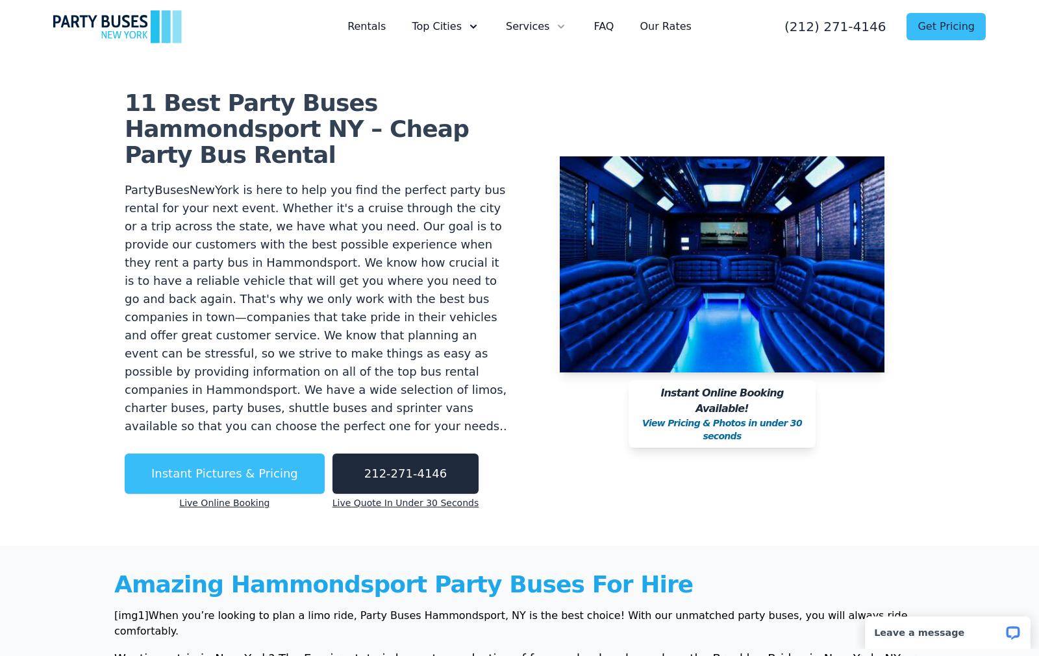 This screenshot has height=656, width=1039. Describe the element at coordinates (314, 306) in the screenshot. I see `'PartyBusesNewYork is here to help you find the perfect party bus rental for your next event. Whether it's a cruise through the city or a trip across the state, we have what you need. Our goal is to provide our customers with the best possible experience when they rent a party bus in Hammondsport. We know how crucial it is to have a reliable vehicle that will get you where you need to go and back again. That's why we only work with the best bus companies in town—companies that take pride in their vehicles and offer great customer service. We know that planning an event can be stressful, so we strive to make things as easy as possible by providing information on all of the top bus rental companies in Hammondsport. We have a wide selection of limos, charter buses, party buses, shuttle buses and sprinter vans available so that you can choose the perfect one for your needs..'` at that location.